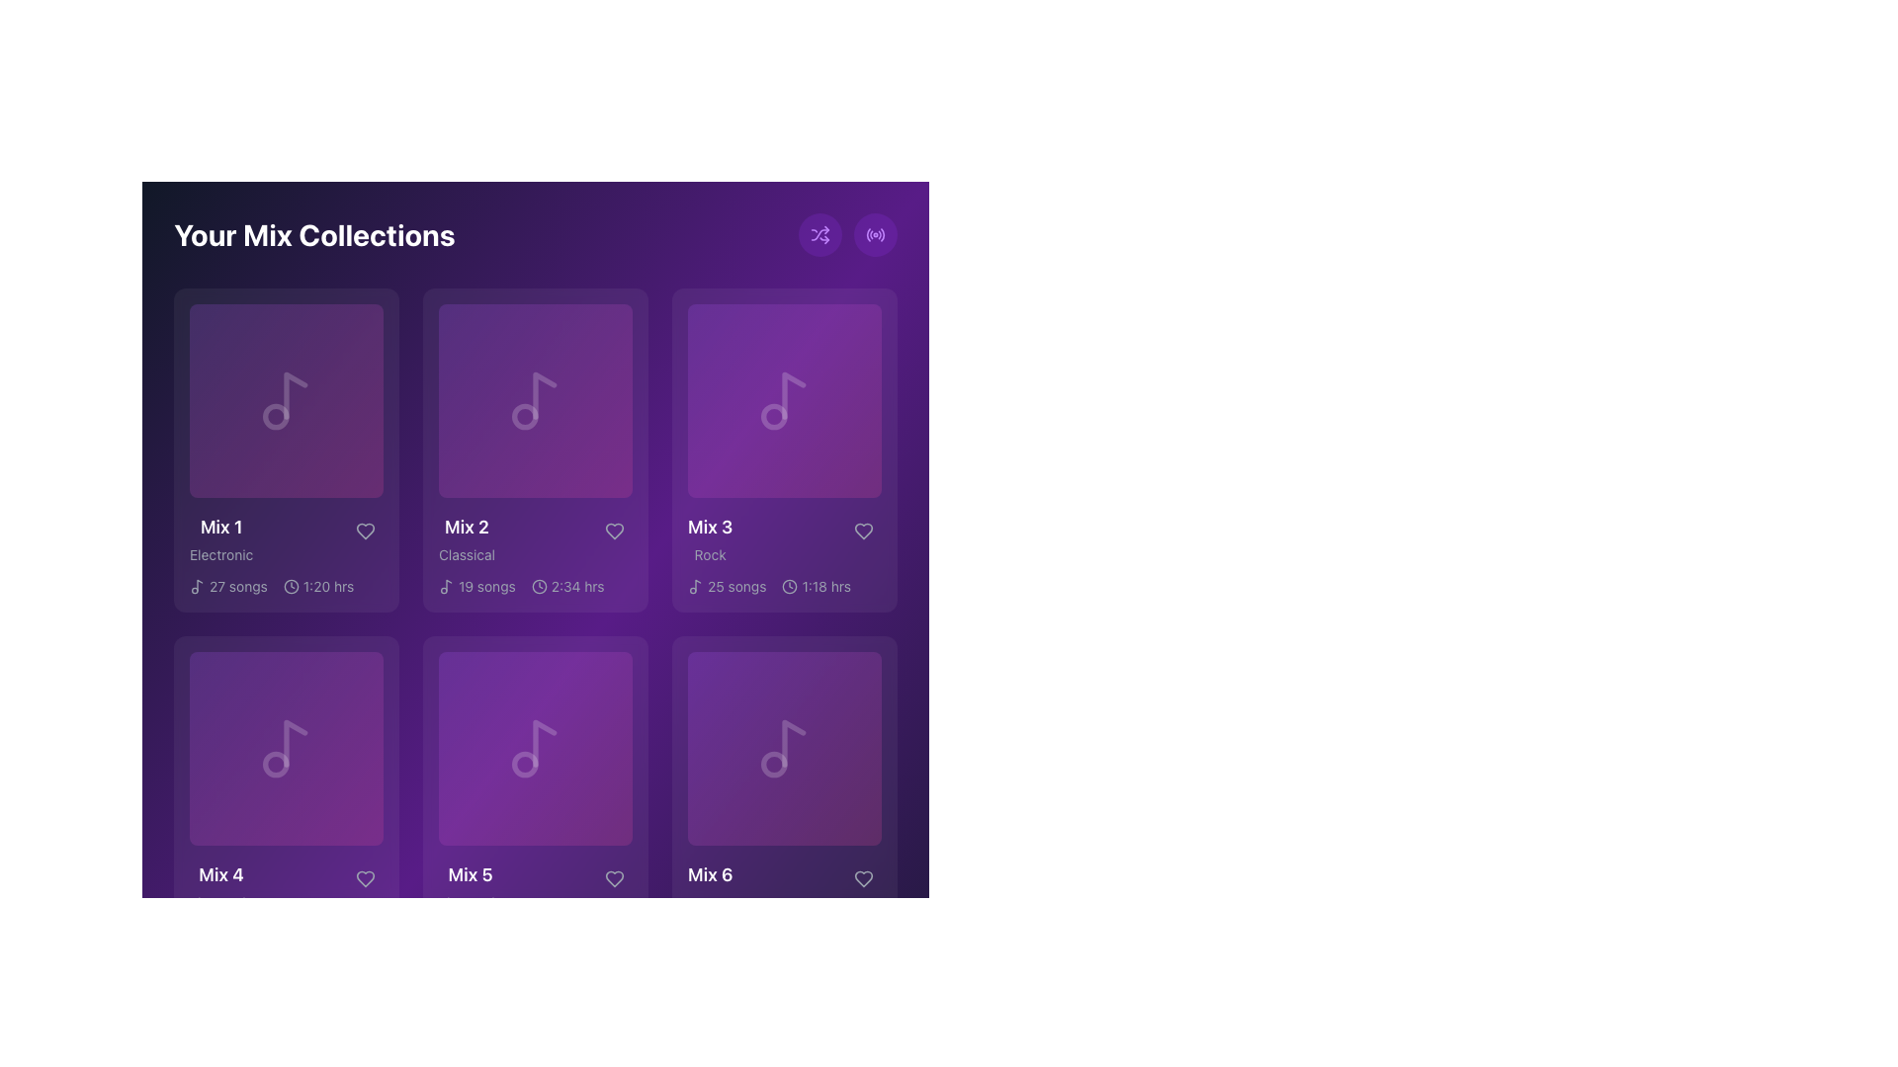  What do you see at coordinates (285, 400) in the screenshot?
I see `the play icon button` at bounding box center [285, 400].